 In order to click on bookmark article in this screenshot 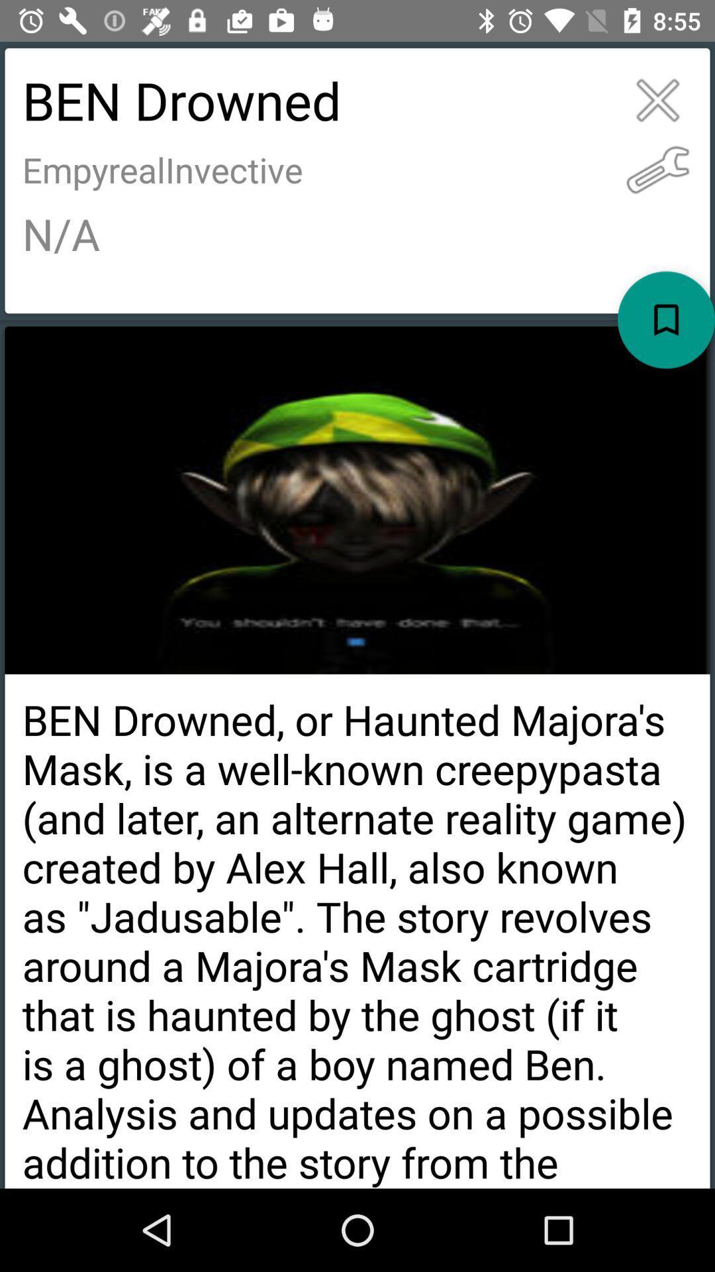, I will do `click(666, 320)`.